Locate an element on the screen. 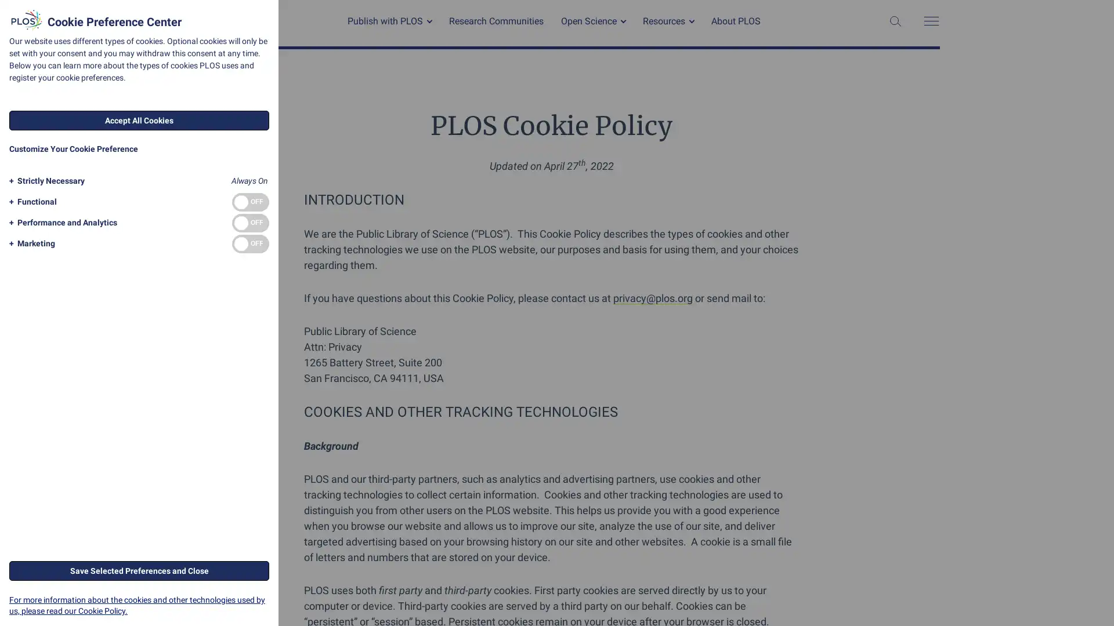  Toggle explanation of Marketing Cookies. is located at coordinates (30, 243).